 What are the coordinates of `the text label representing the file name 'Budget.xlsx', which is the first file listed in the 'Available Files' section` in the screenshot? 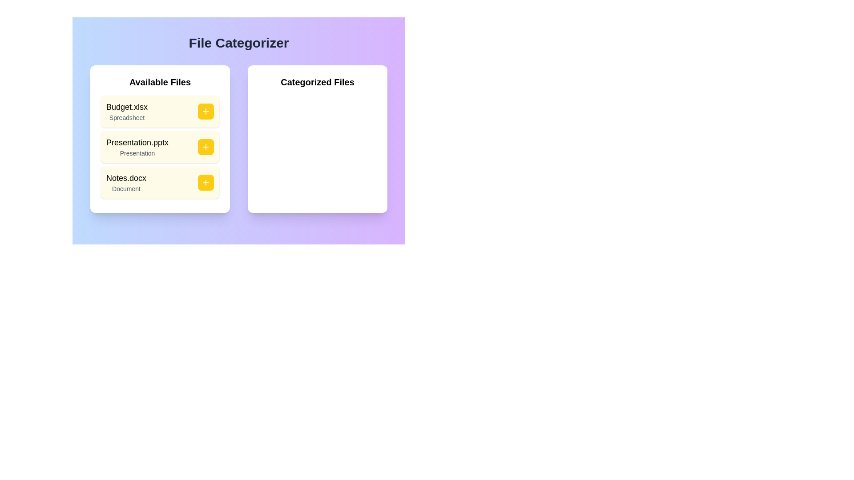 It's located at (126, 106).